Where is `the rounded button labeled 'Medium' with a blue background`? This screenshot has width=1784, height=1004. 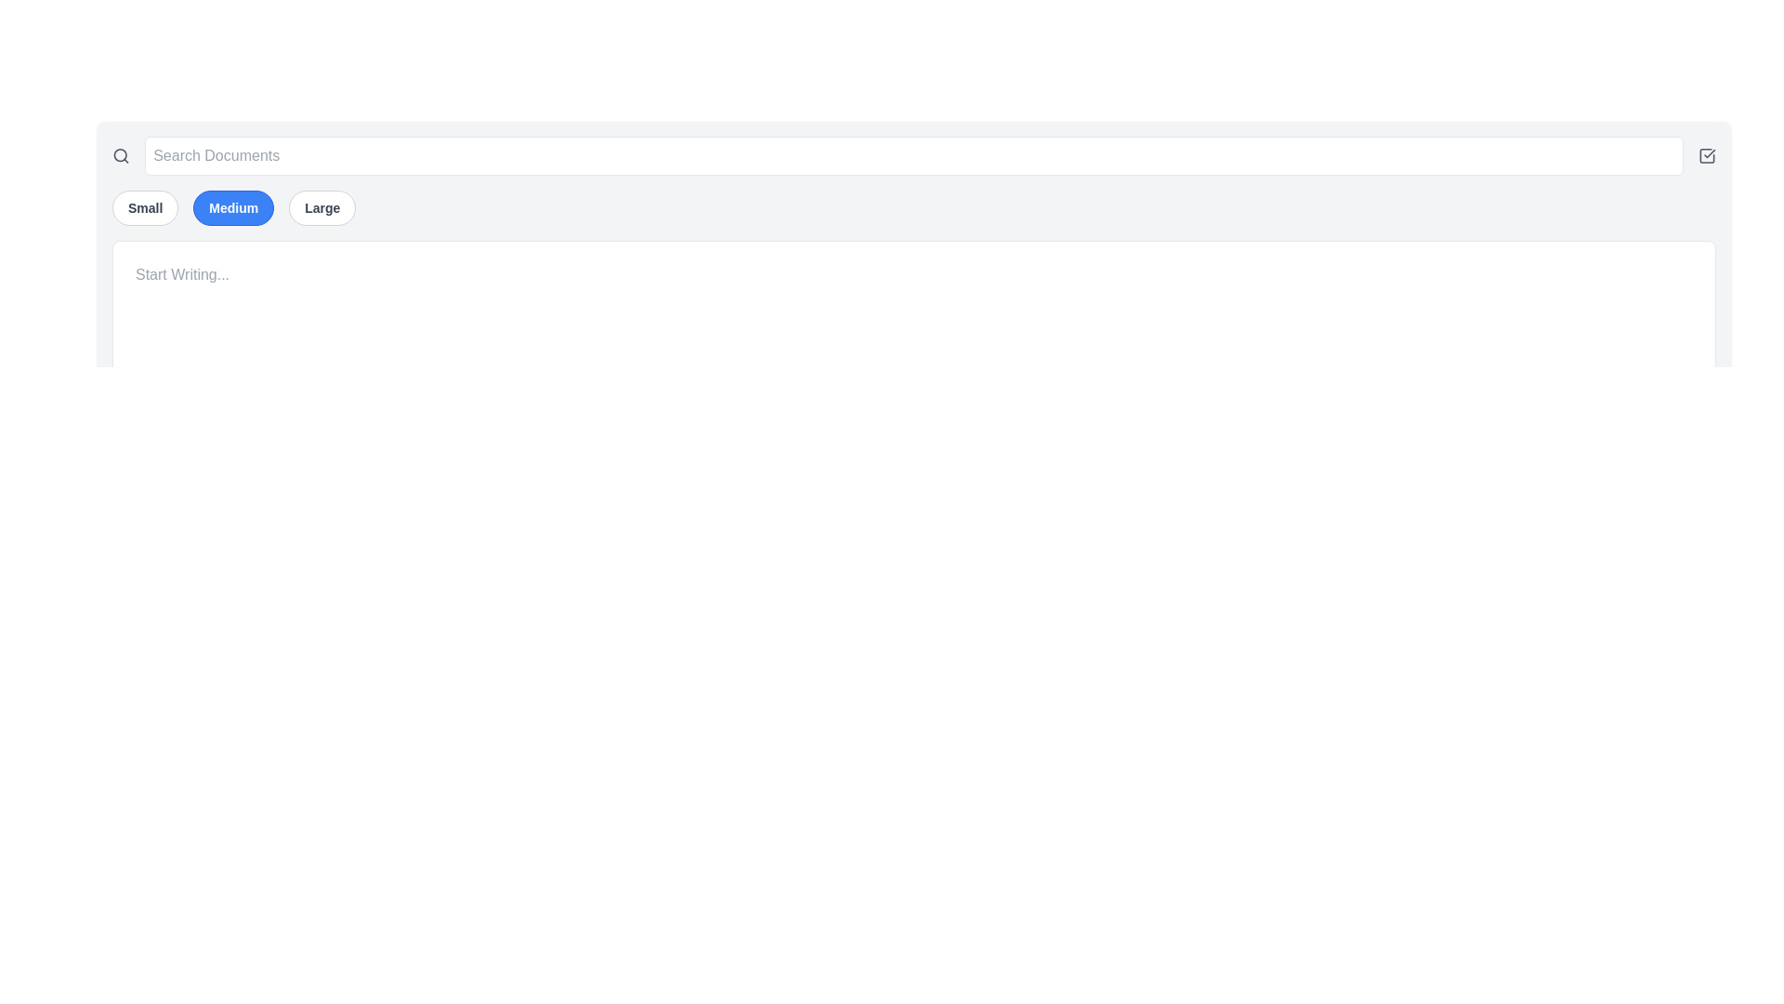 the rounded button labeled 'Medium' with a blue background is located at coordinates (232, 207).